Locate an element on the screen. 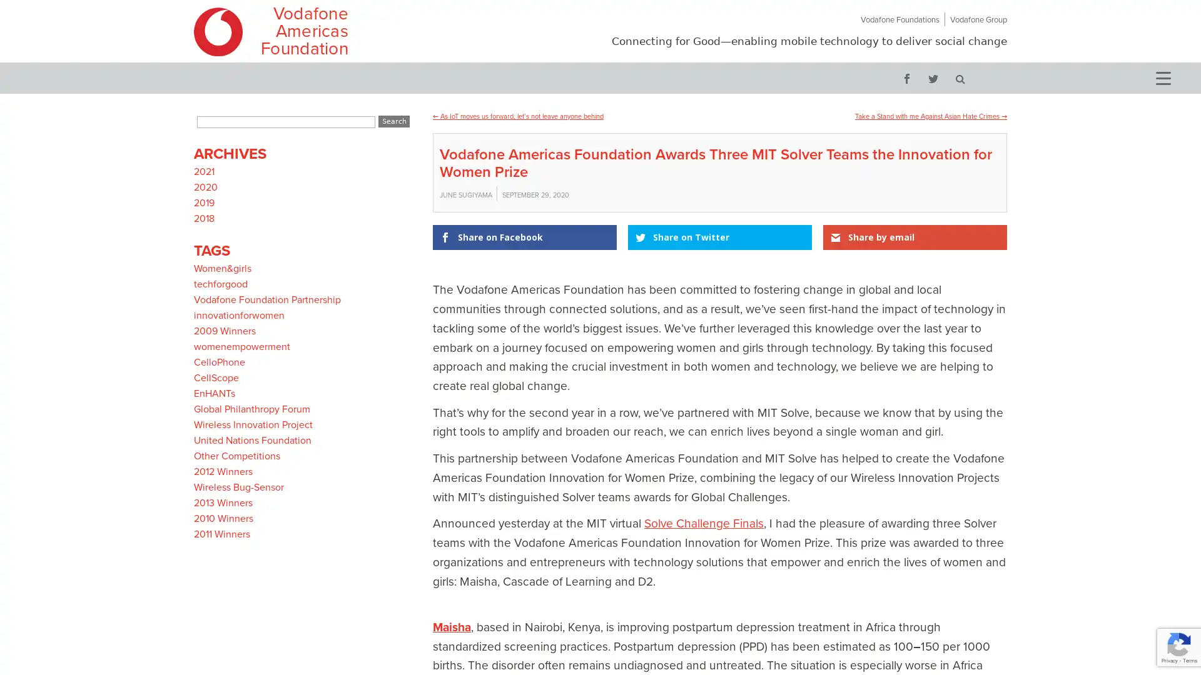  GO is located at coordinates (960, 77).